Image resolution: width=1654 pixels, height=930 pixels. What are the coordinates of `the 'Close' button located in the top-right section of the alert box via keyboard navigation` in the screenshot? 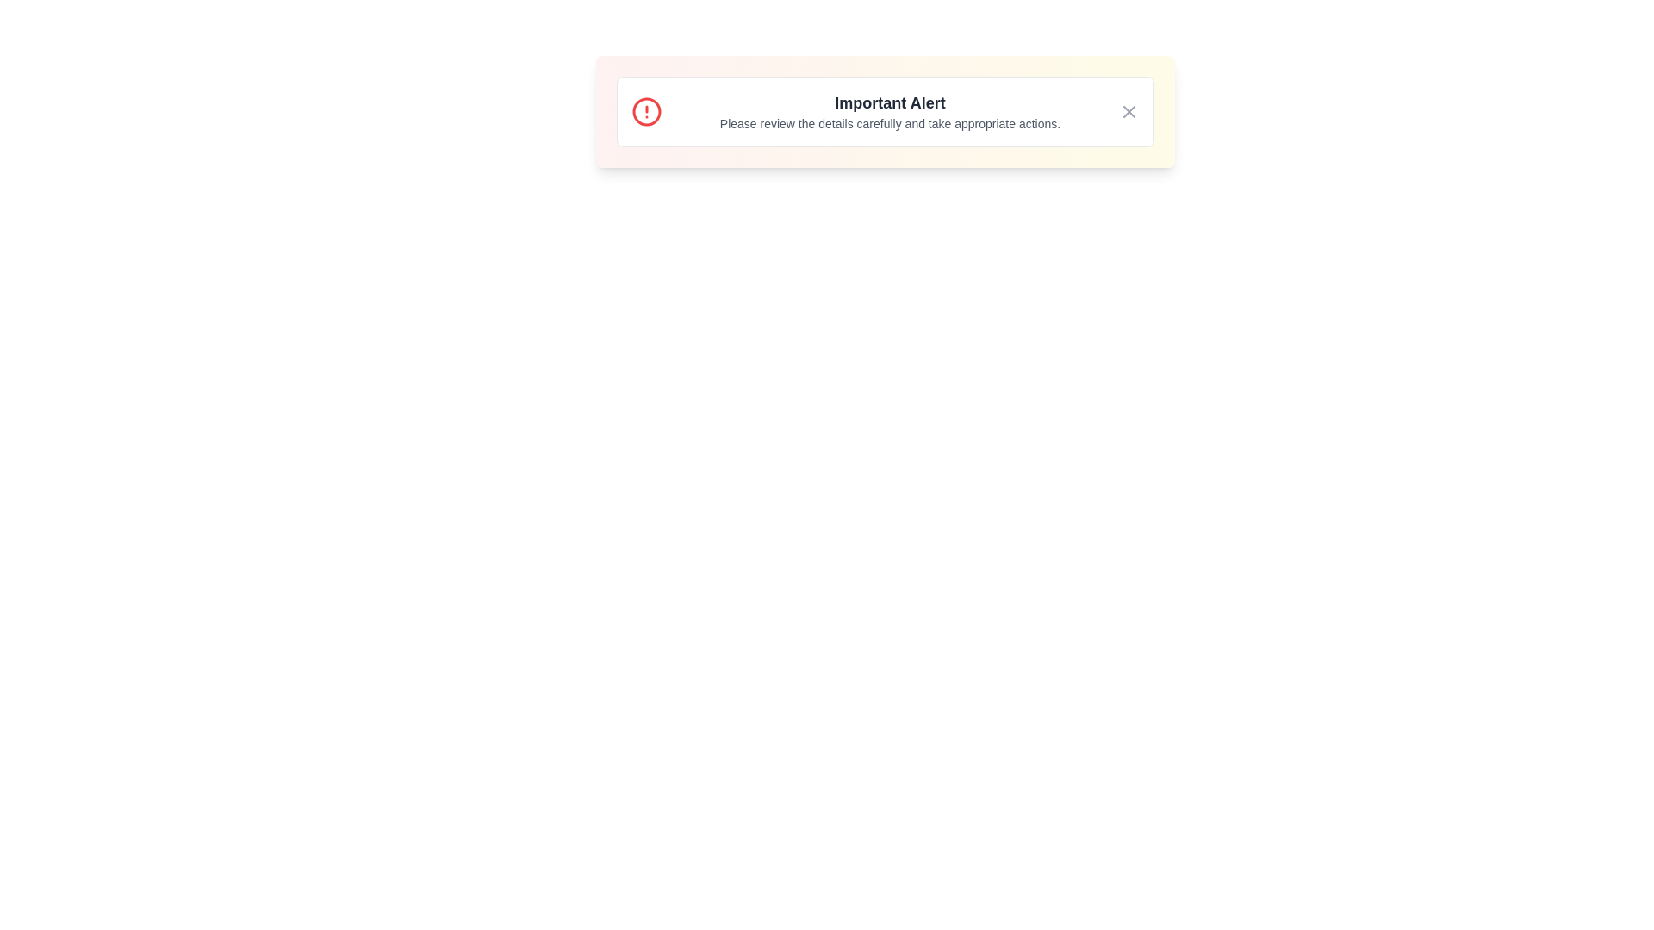 It's located at (1129, 112).